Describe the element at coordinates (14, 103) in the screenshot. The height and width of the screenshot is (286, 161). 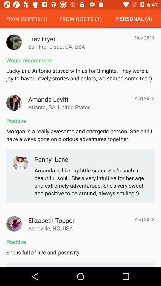
I see `picture next to the name` at that location.